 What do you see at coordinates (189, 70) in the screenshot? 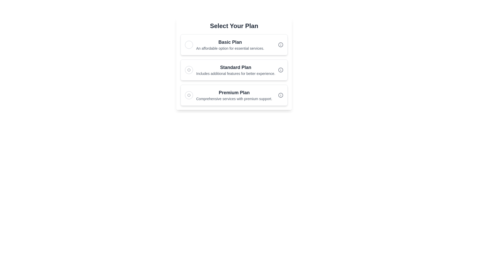
I see `the radio button for the 'Standard Plan' option` at bounding box center [189, 70].